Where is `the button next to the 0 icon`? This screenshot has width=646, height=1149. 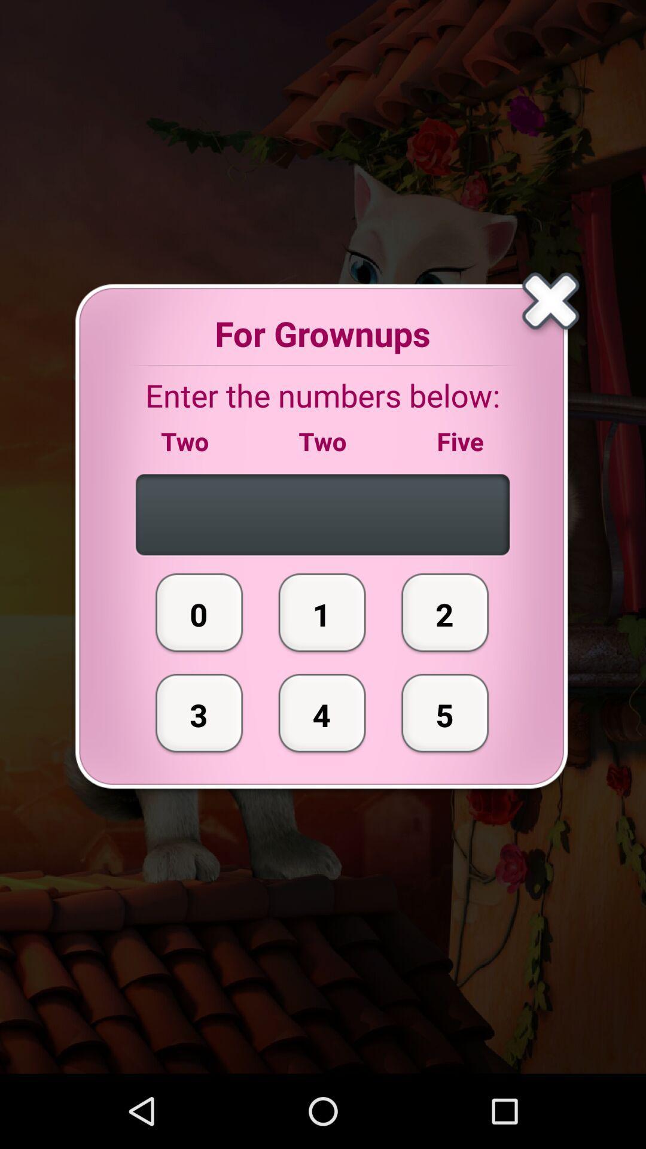 the button next to the 0 icon is located at coordinates (322, 713).